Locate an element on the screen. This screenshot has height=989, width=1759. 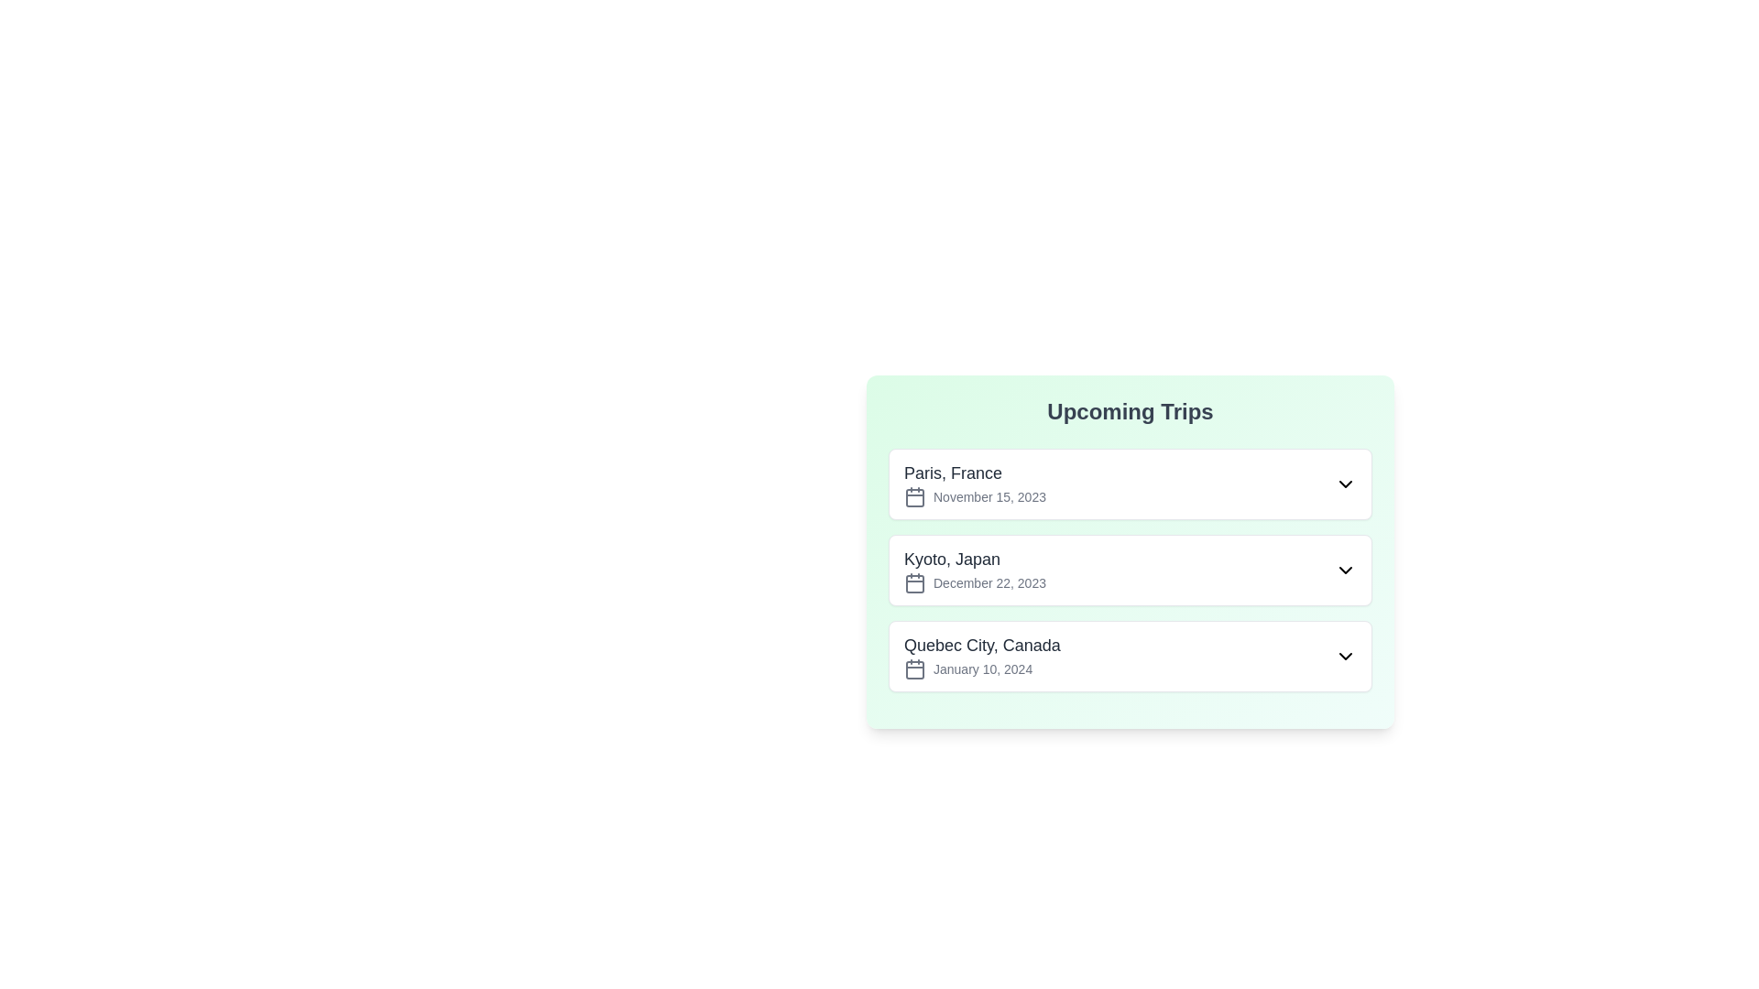
the upcoming trip button representing the trip item located between 'Paris, France' and 'Quebec City, Canada' is located at coordinates (1129, 570).